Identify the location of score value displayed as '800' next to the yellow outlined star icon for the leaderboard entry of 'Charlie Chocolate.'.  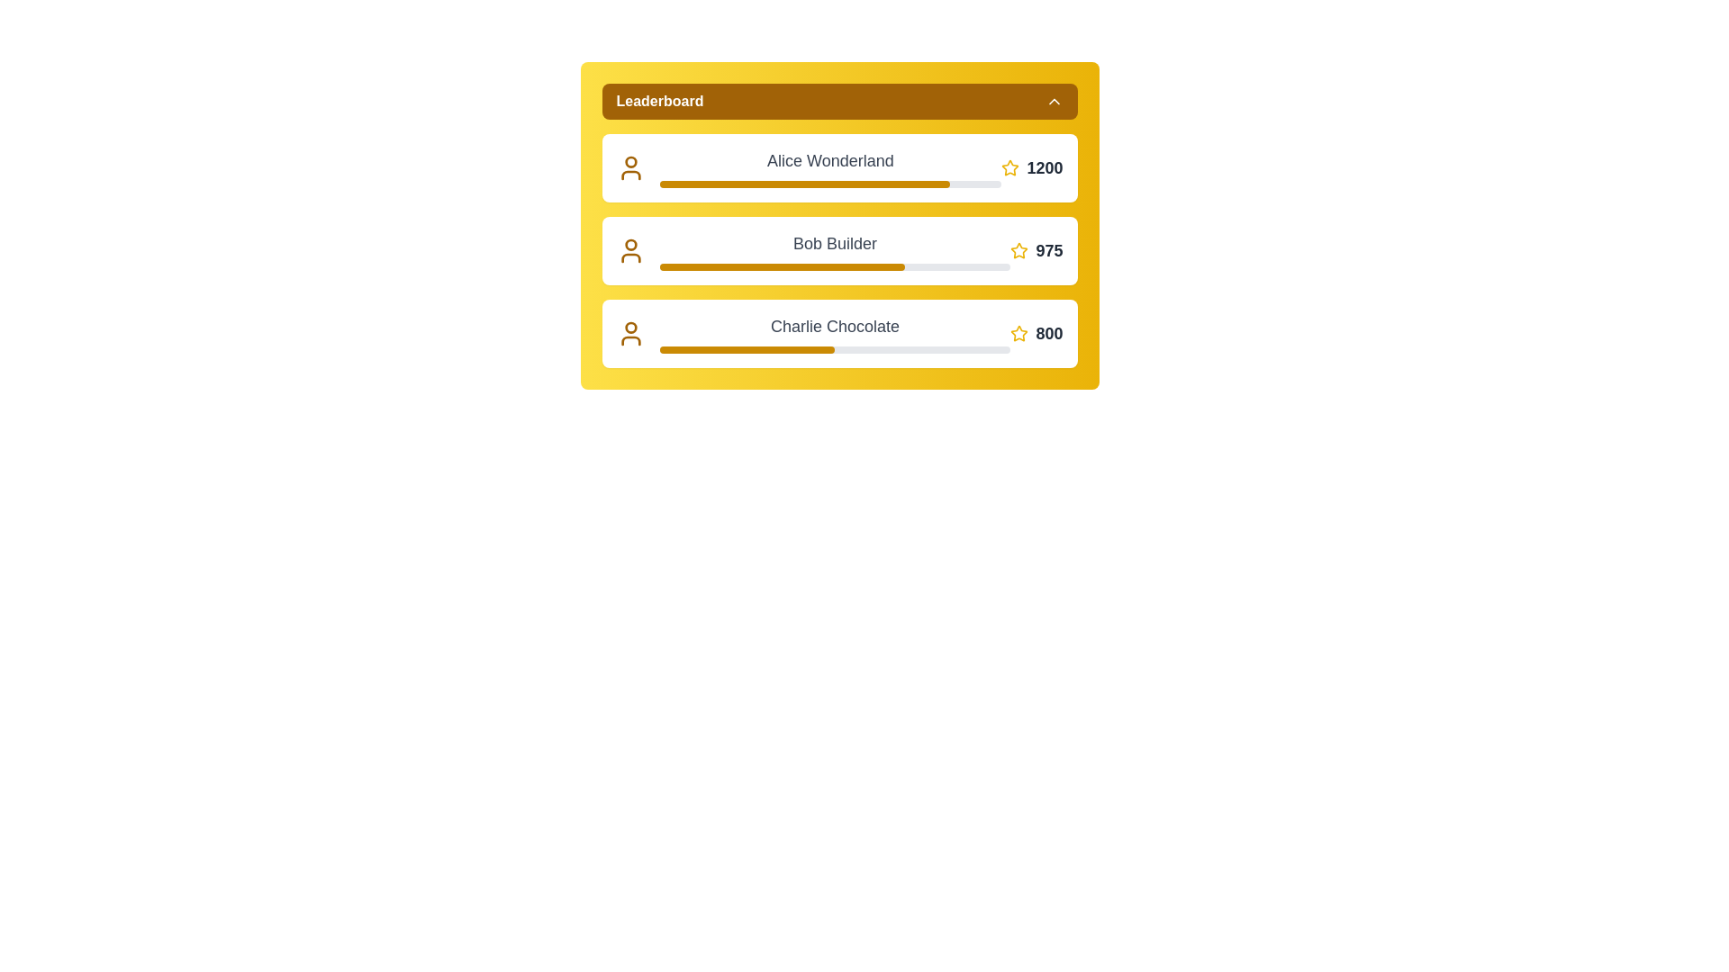
(1036, 333).